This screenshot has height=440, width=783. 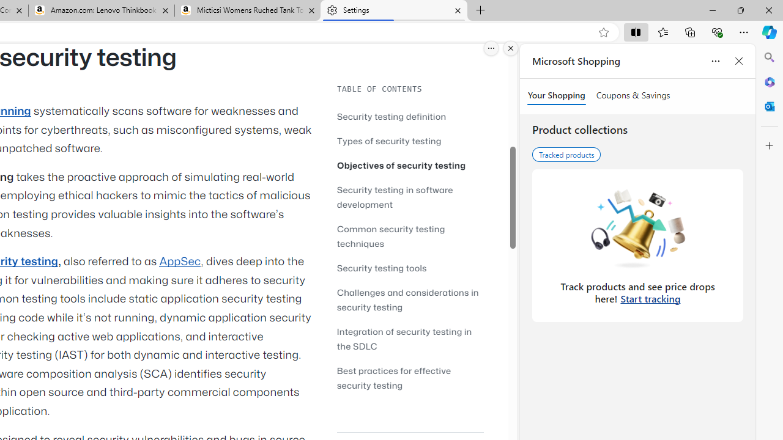 I want to click on 'Favorites', so click(x=662, y=31).